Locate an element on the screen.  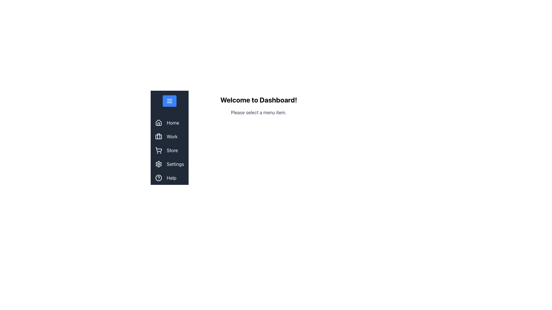
the last item in the vertical navigation menu, which serves as a link to the help section of the application, located beneath 'Settings' is located at coordinates (169, 178).